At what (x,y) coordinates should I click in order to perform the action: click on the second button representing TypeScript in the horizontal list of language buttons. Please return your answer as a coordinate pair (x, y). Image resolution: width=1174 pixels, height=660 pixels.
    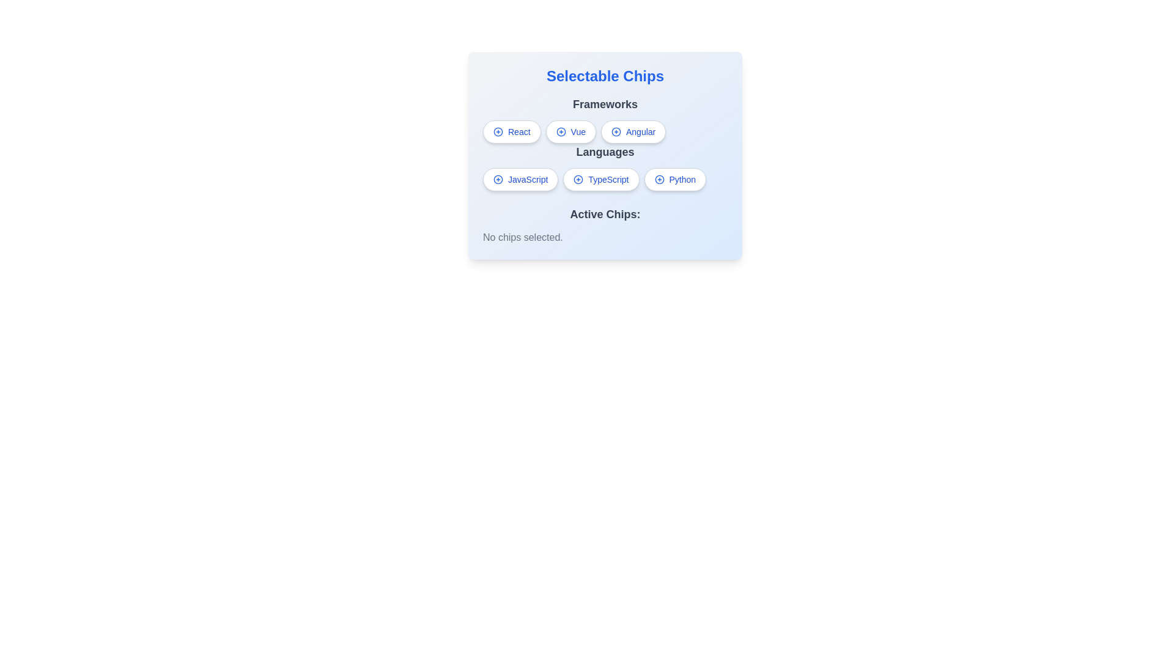
    Looking at the image, I should click on (601, 179).